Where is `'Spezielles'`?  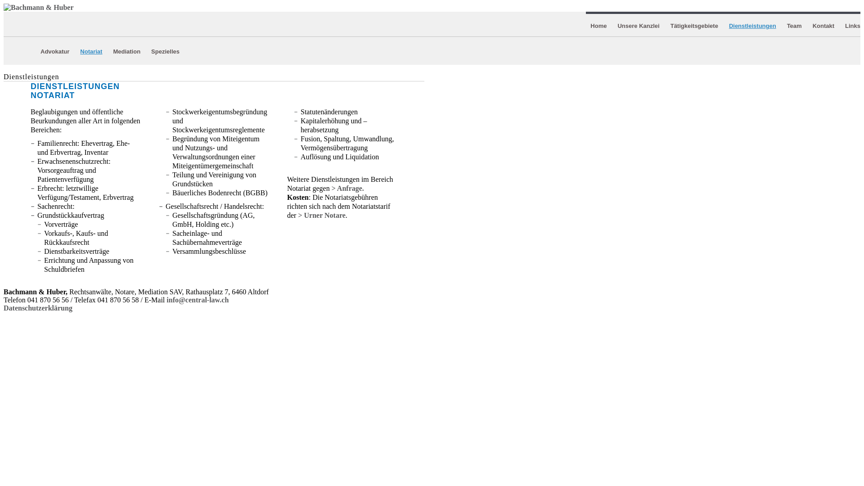
'Spezielles' is located at coordinates (165, 51).